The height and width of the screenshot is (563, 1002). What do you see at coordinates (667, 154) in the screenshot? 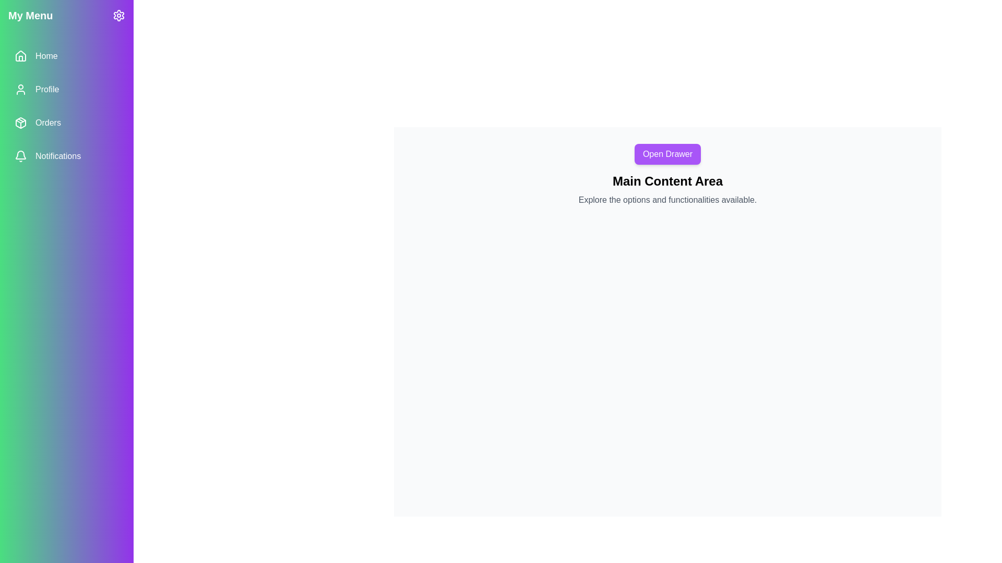
I see `the 'Open Drawer' button to open the drawer` at bounding box center [667, 154].